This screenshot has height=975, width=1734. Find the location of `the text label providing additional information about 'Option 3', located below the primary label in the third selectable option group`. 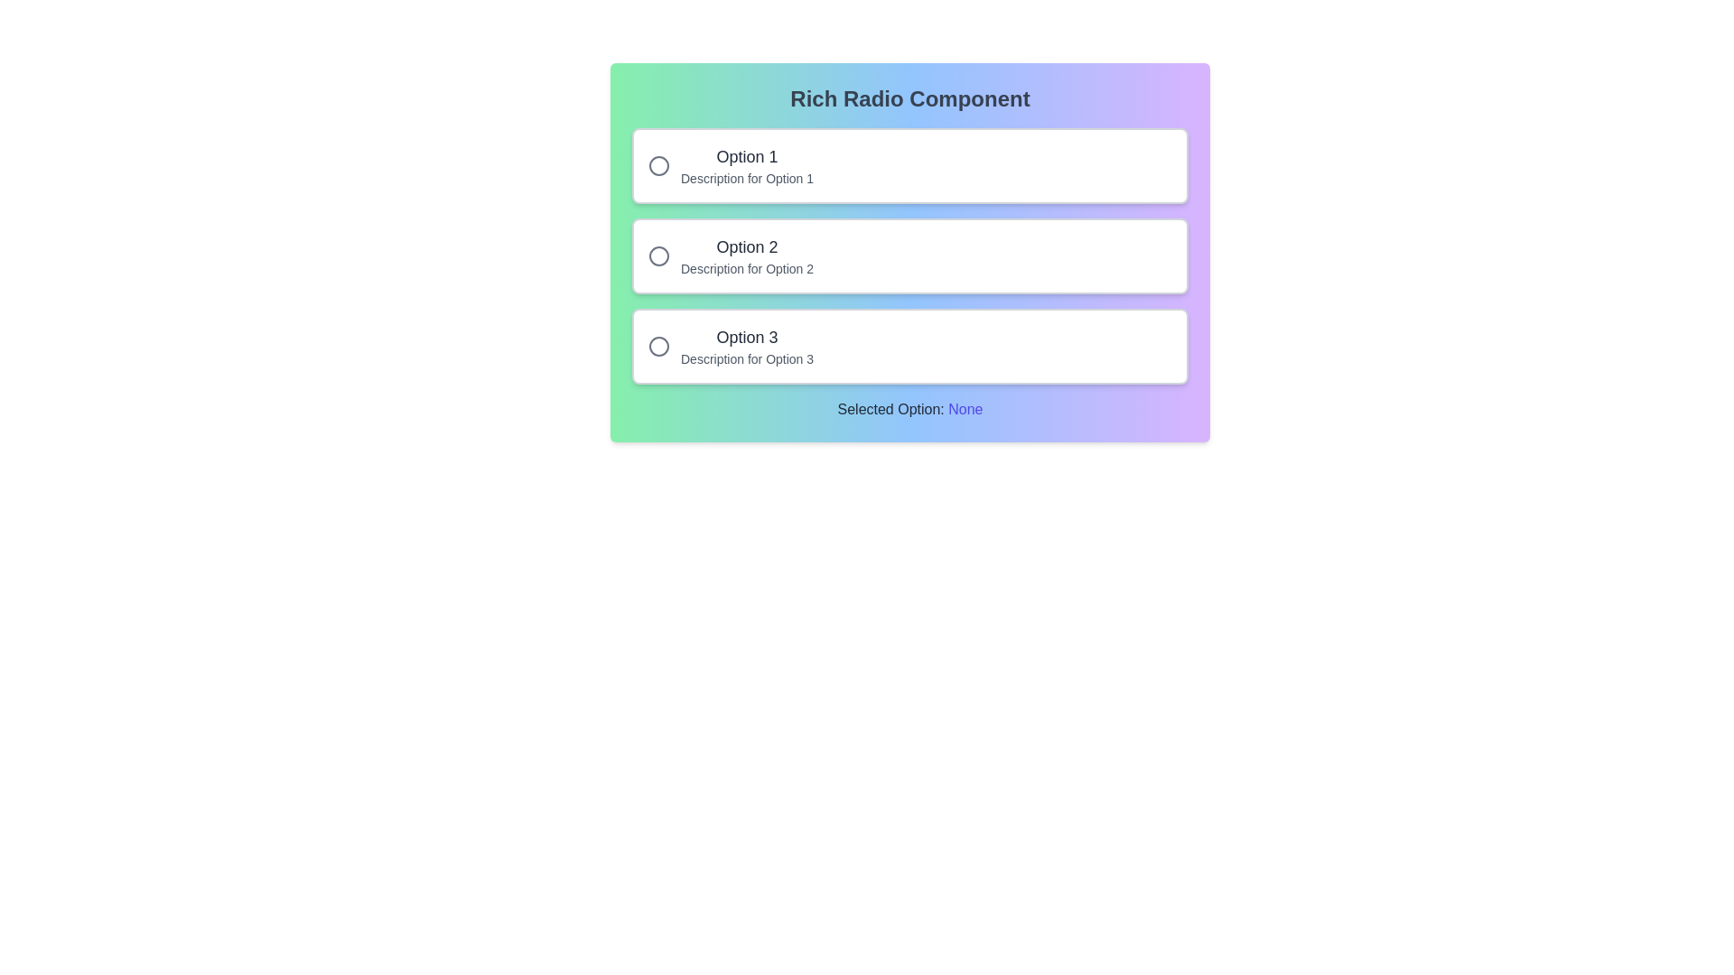

the text label providing additional information about 'Option 3', located below the primary label in the third selectable option group is located at coordinates (747, 358).